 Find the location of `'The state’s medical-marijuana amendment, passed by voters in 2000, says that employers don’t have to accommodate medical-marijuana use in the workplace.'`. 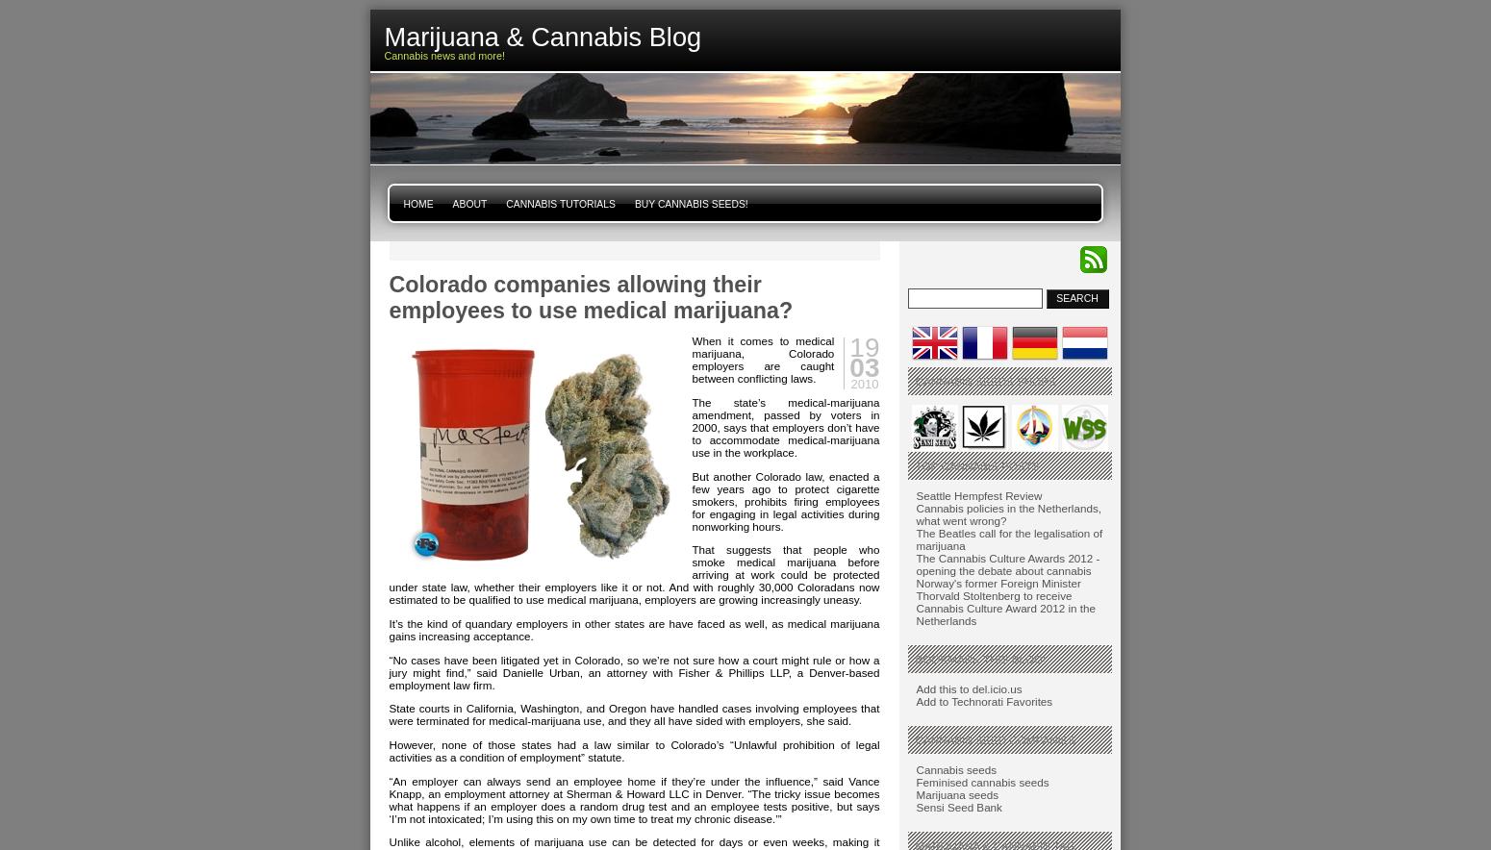

'The state’s medical-marijuana amendment, passed by voters in 2000, says that employers don’t have to accommodate medical-marijuana use in the workplace.' is located at coordinates (784, 426).